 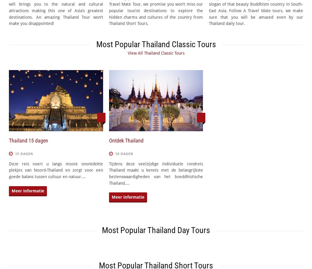 I want to click on 'View All  Thailand Classic Tours', so click(x=155, y=53).